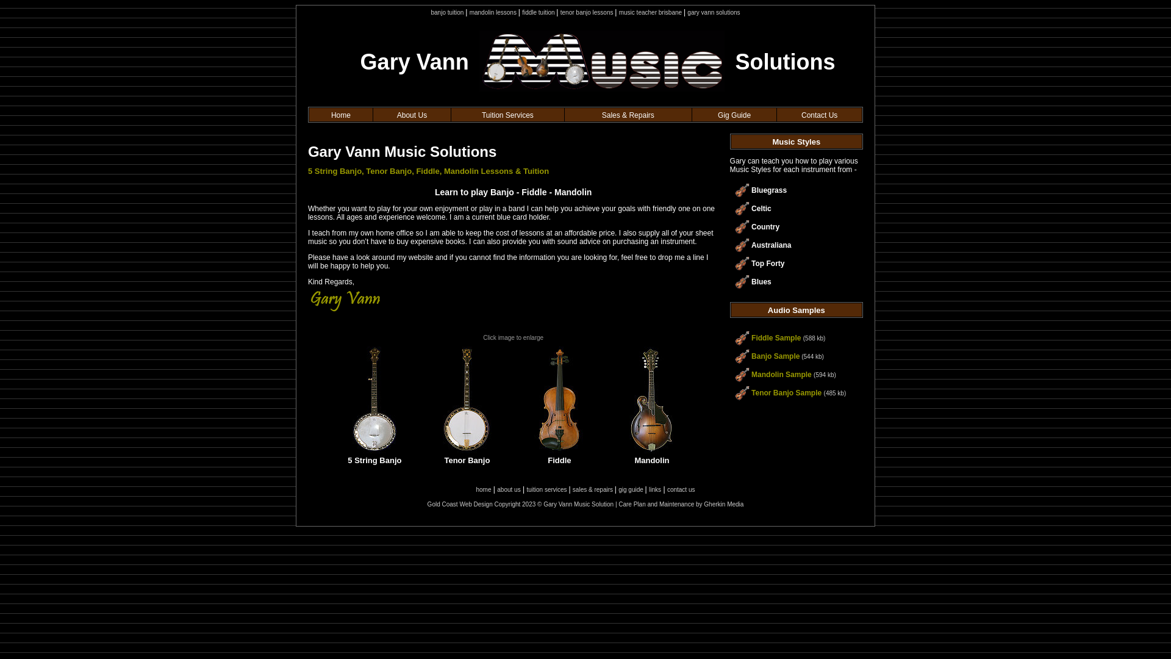 The image size is (1171, 659). Describe the element at coordinates (751, 373) in the screenshot. I see `'Mandolin Sample'` at that location.